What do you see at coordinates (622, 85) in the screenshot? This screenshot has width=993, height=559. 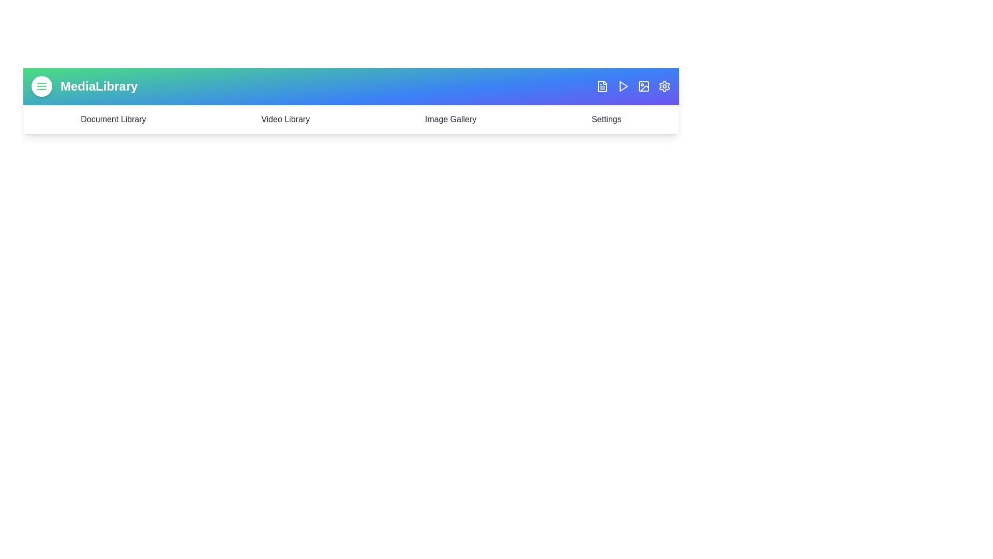 I see `the Play icon to trigger its interaction` at bounding box center [622, 85].